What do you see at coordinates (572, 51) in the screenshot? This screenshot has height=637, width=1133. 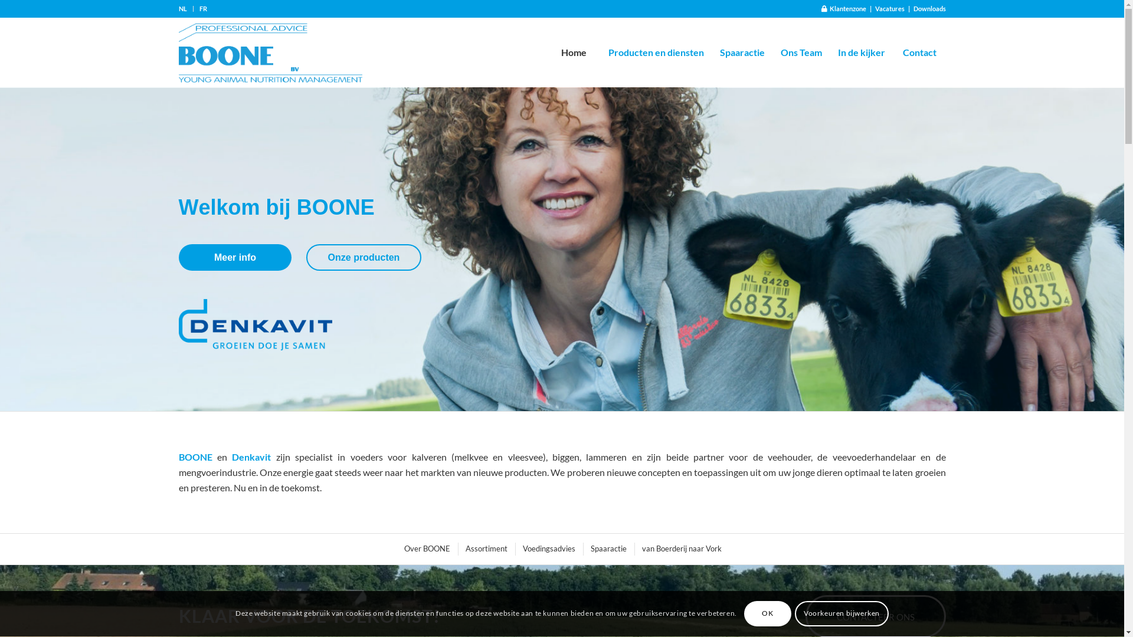 I see `'Home'` at bounding box center [572, 51].